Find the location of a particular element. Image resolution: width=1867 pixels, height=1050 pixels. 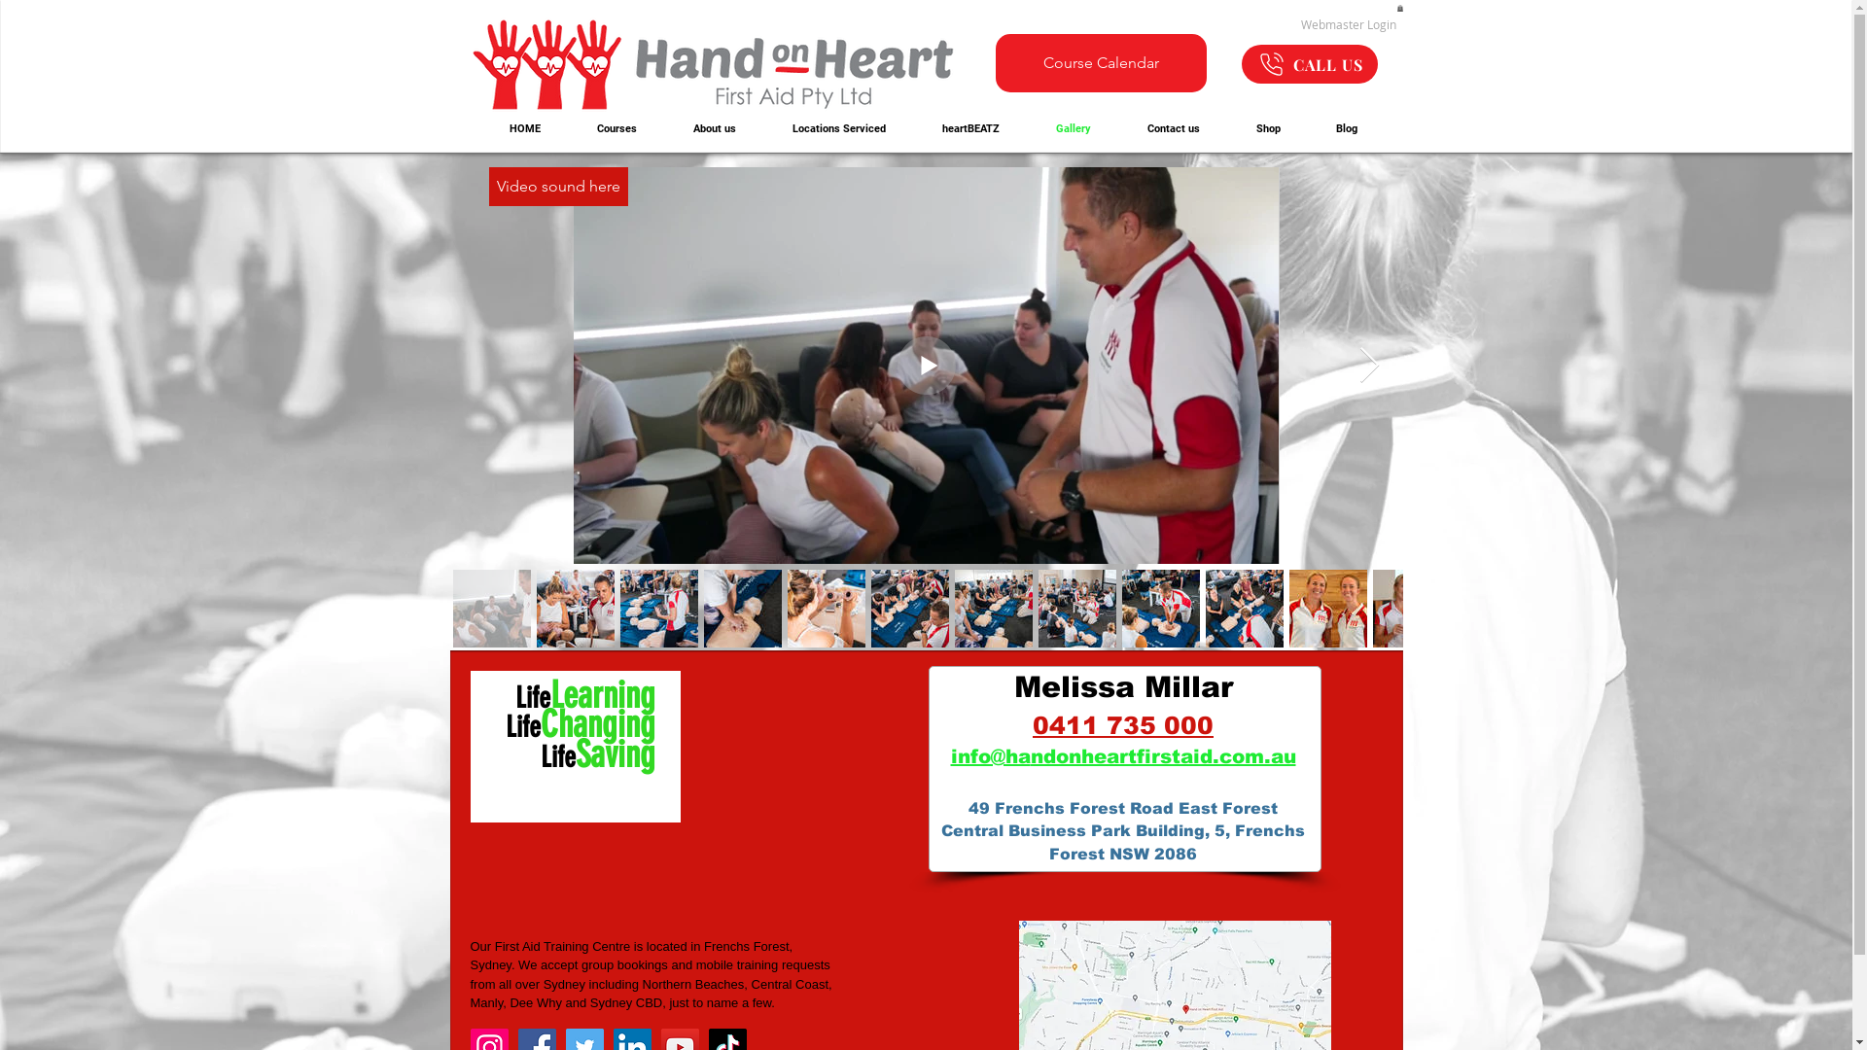

'Video sound here' is located at coordinates (556, 187).